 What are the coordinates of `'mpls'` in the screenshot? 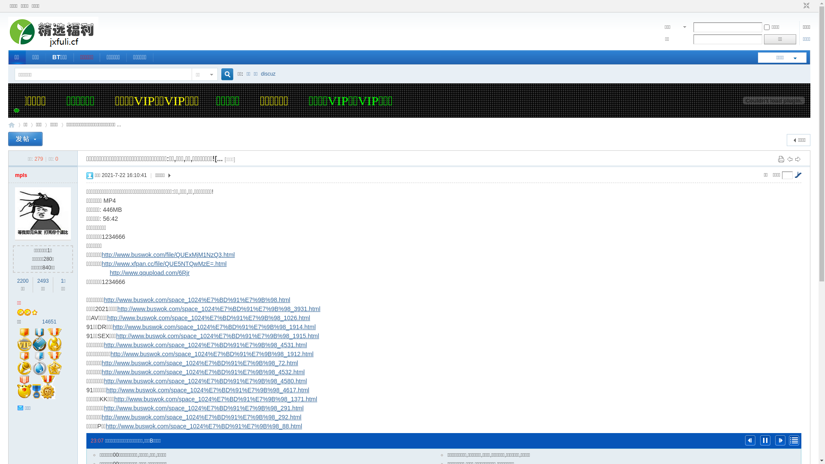 It's located at (21, 175).